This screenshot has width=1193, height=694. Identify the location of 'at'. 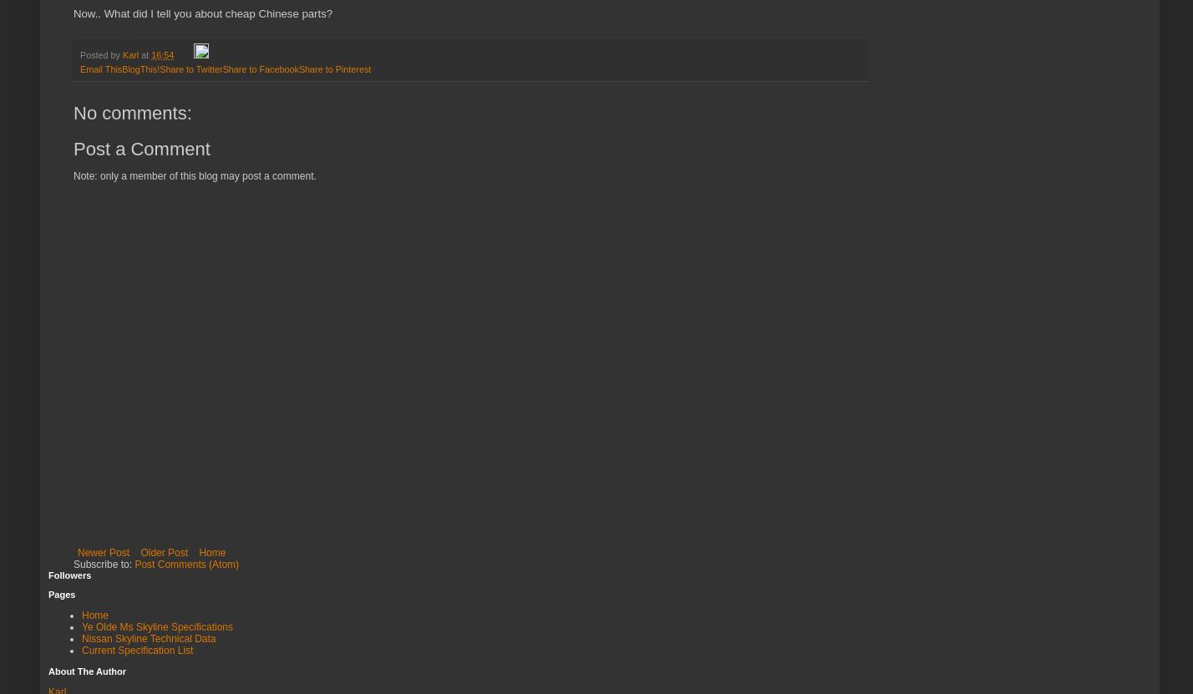
(145, 53).